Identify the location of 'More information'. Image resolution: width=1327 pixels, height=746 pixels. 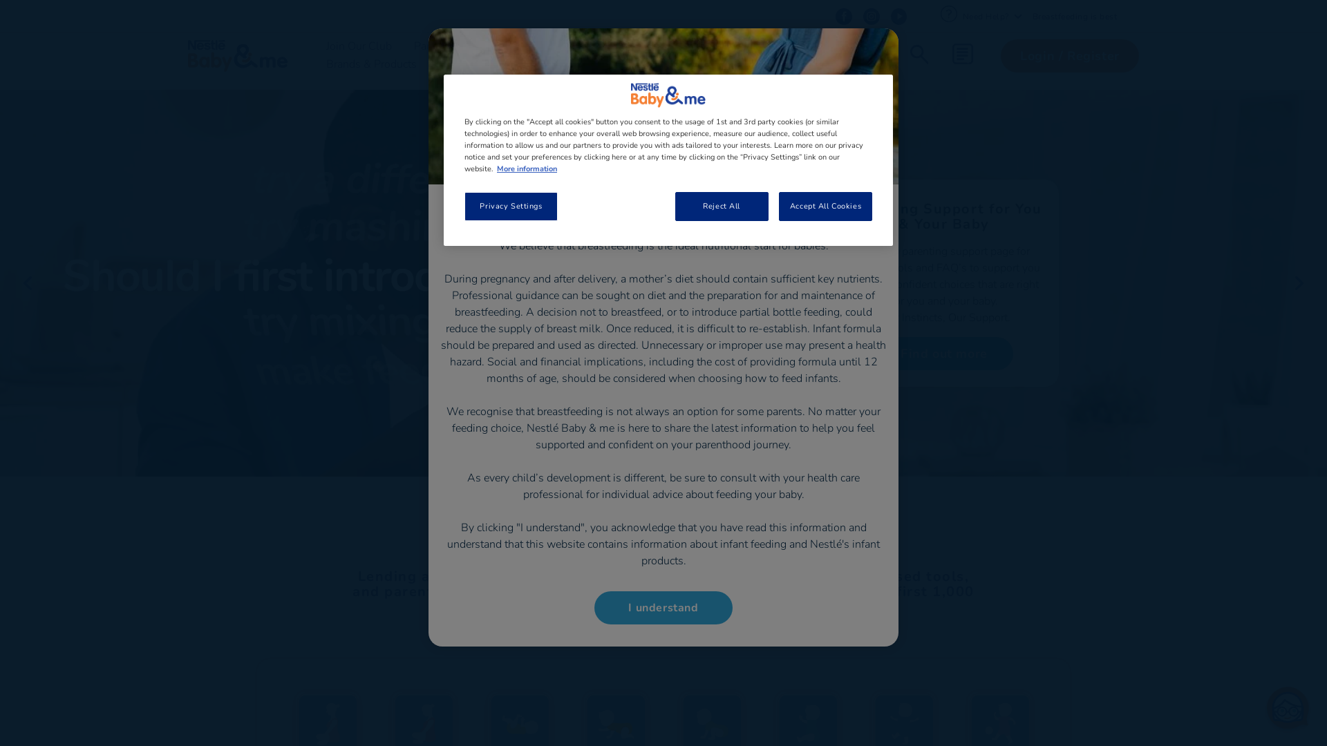
(526, 167).